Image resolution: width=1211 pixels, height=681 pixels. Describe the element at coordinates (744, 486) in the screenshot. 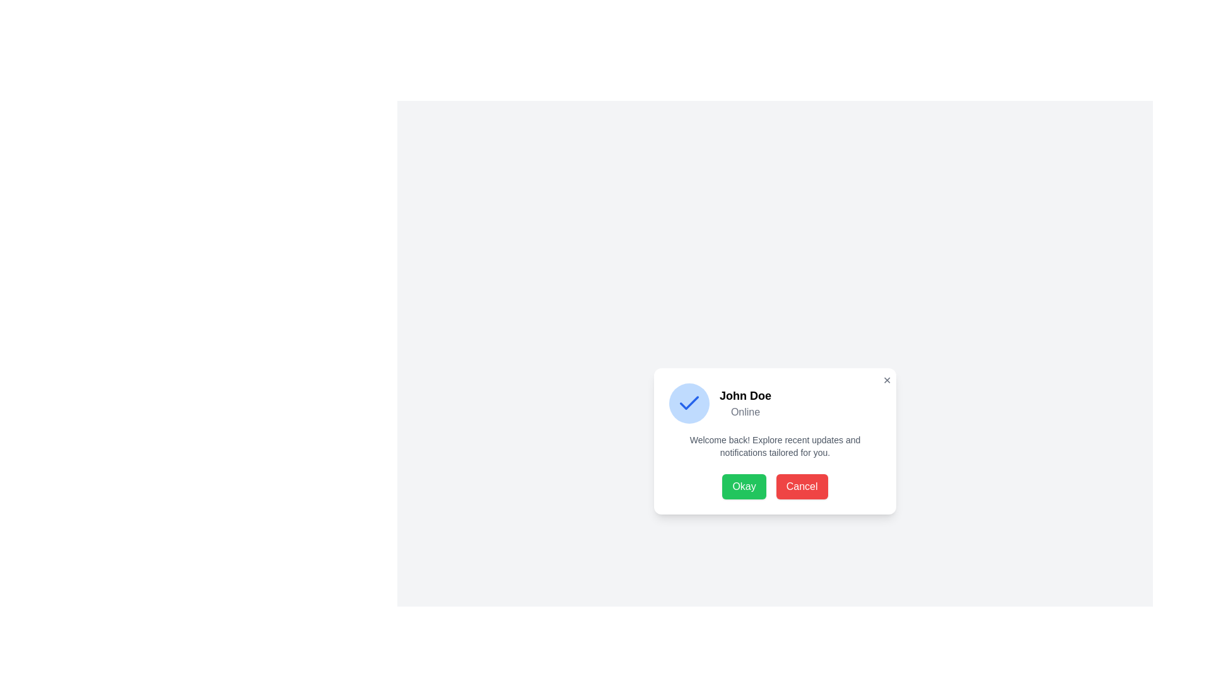

I see `the green 'Okay' button with rounded corners to observe its styling changes` at that location.